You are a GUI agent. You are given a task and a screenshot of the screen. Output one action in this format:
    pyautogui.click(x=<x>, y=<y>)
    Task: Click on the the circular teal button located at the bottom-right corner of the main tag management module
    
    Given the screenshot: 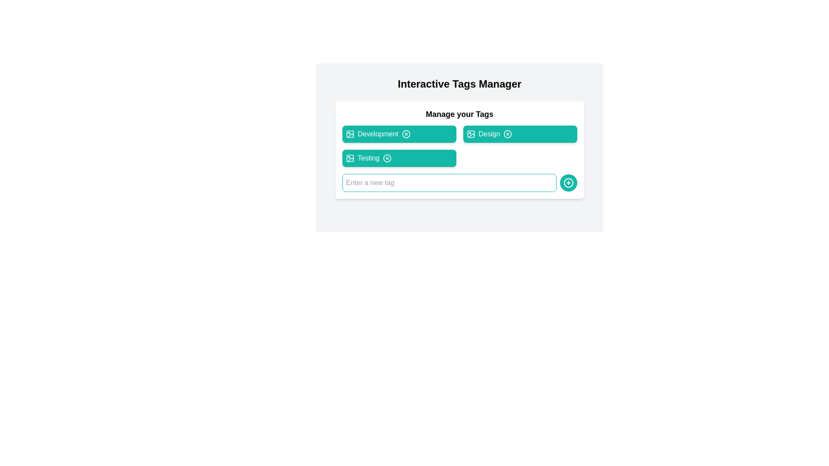 What is the action you would take?
    pyautogui.click(x=568, y=183)
    